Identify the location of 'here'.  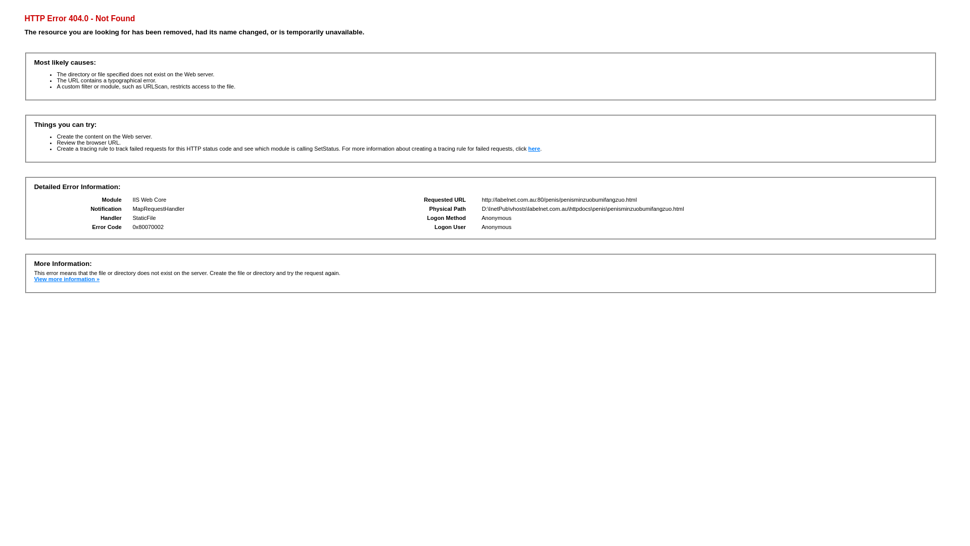
(533, 148).